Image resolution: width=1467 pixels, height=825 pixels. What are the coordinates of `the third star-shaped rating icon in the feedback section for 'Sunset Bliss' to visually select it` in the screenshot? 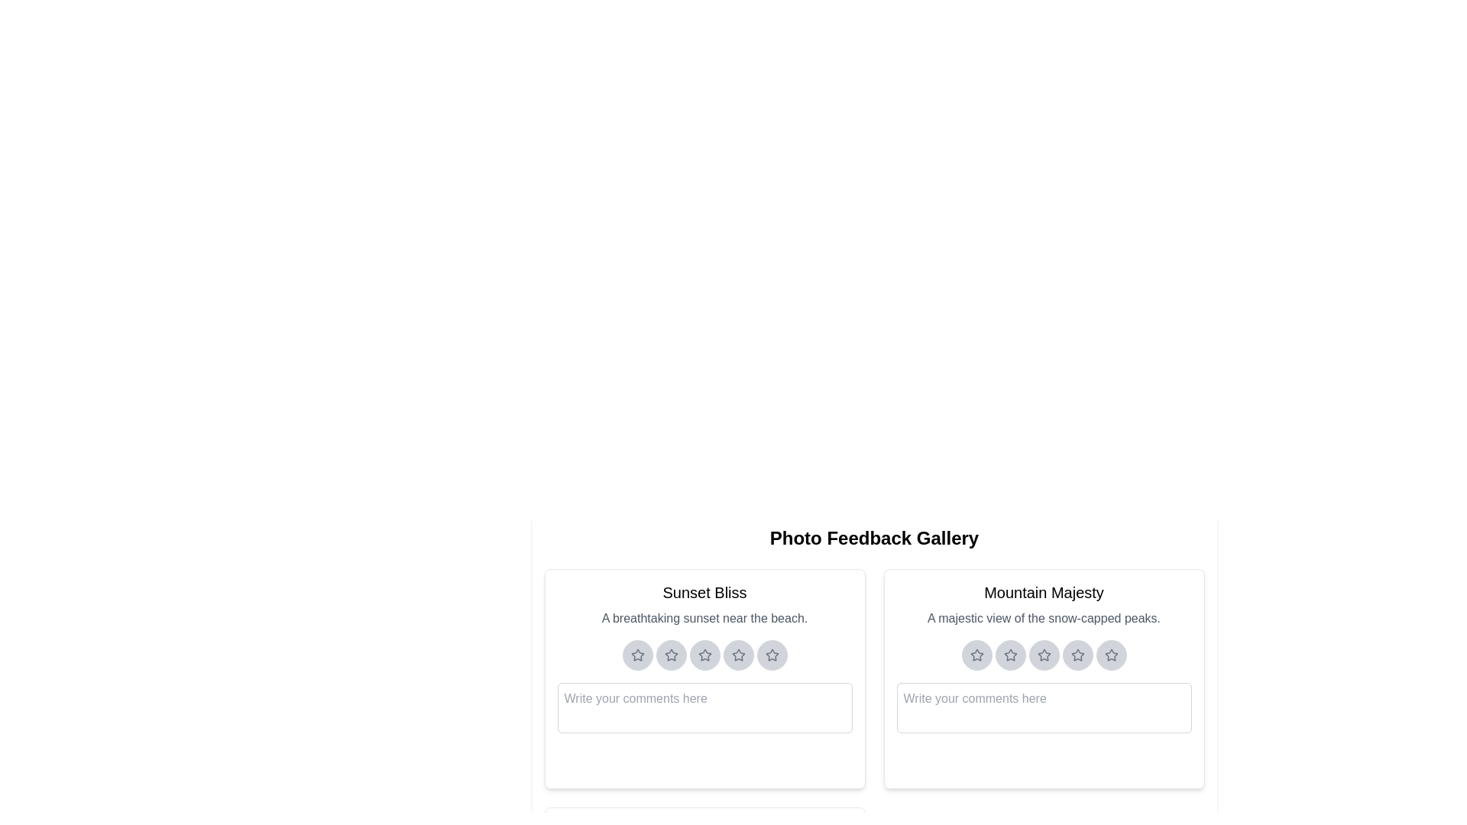 It's located at (704, 654).